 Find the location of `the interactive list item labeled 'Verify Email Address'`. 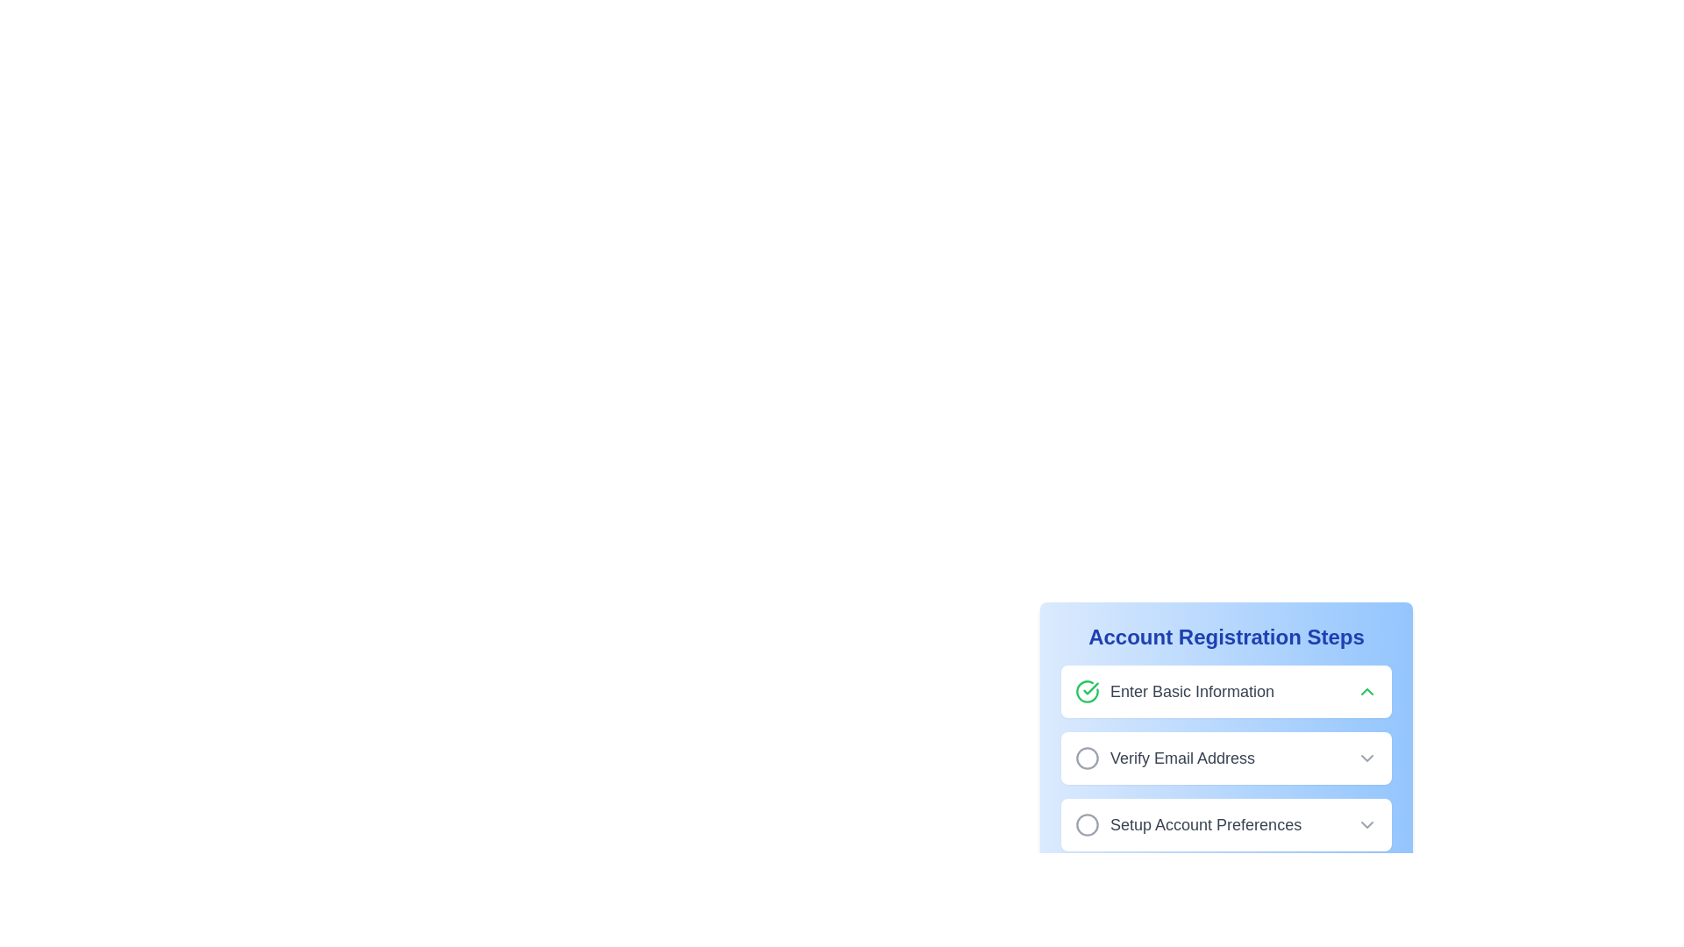

the interactive list item labeled 'Verify Email Address' is located at coordinates (1225, 757).